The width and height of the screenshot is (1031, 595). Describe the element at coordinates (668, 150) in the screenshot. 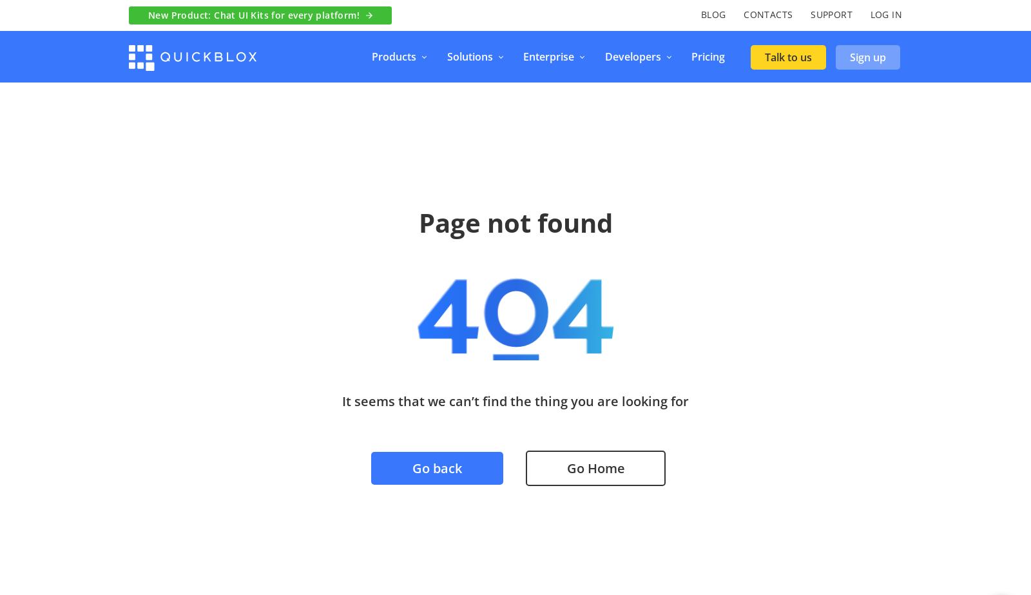

I see `'Communication Tools'` at that location.